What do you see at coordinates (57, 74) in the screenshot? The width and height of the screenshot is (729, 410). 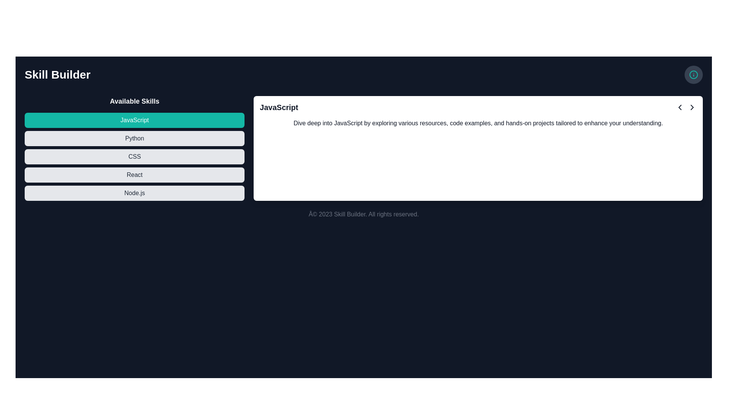 I see `the 'Skill Builder' text label, which is prominently displayed in bold and large font in the top-left corner of the interface` at bounding box center [57, 74].